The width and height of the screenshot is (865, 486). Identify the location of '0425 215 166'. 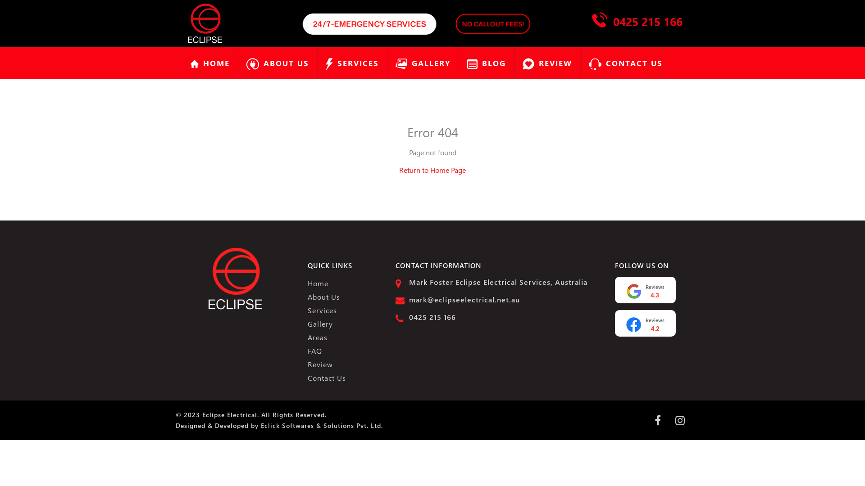
(647, 21).